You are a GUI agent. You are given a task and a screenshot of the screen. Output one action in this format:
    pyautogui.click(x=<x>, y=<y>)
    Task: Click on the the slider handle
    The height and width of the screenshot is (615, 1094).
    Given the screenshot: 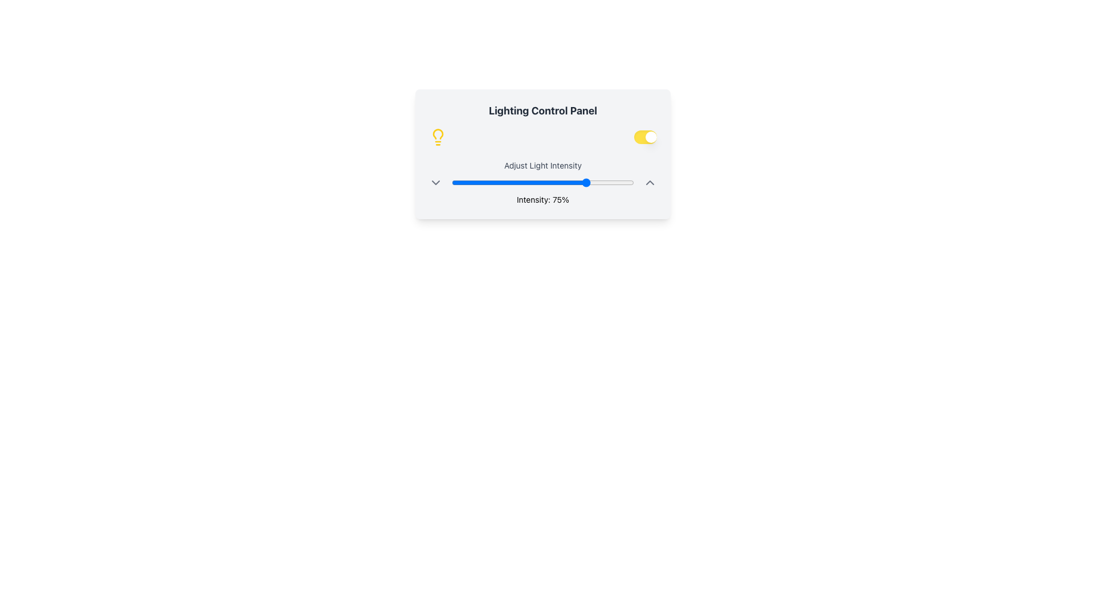 What is the action you would take?
    pyautogui.click(x=542, y=182)
    